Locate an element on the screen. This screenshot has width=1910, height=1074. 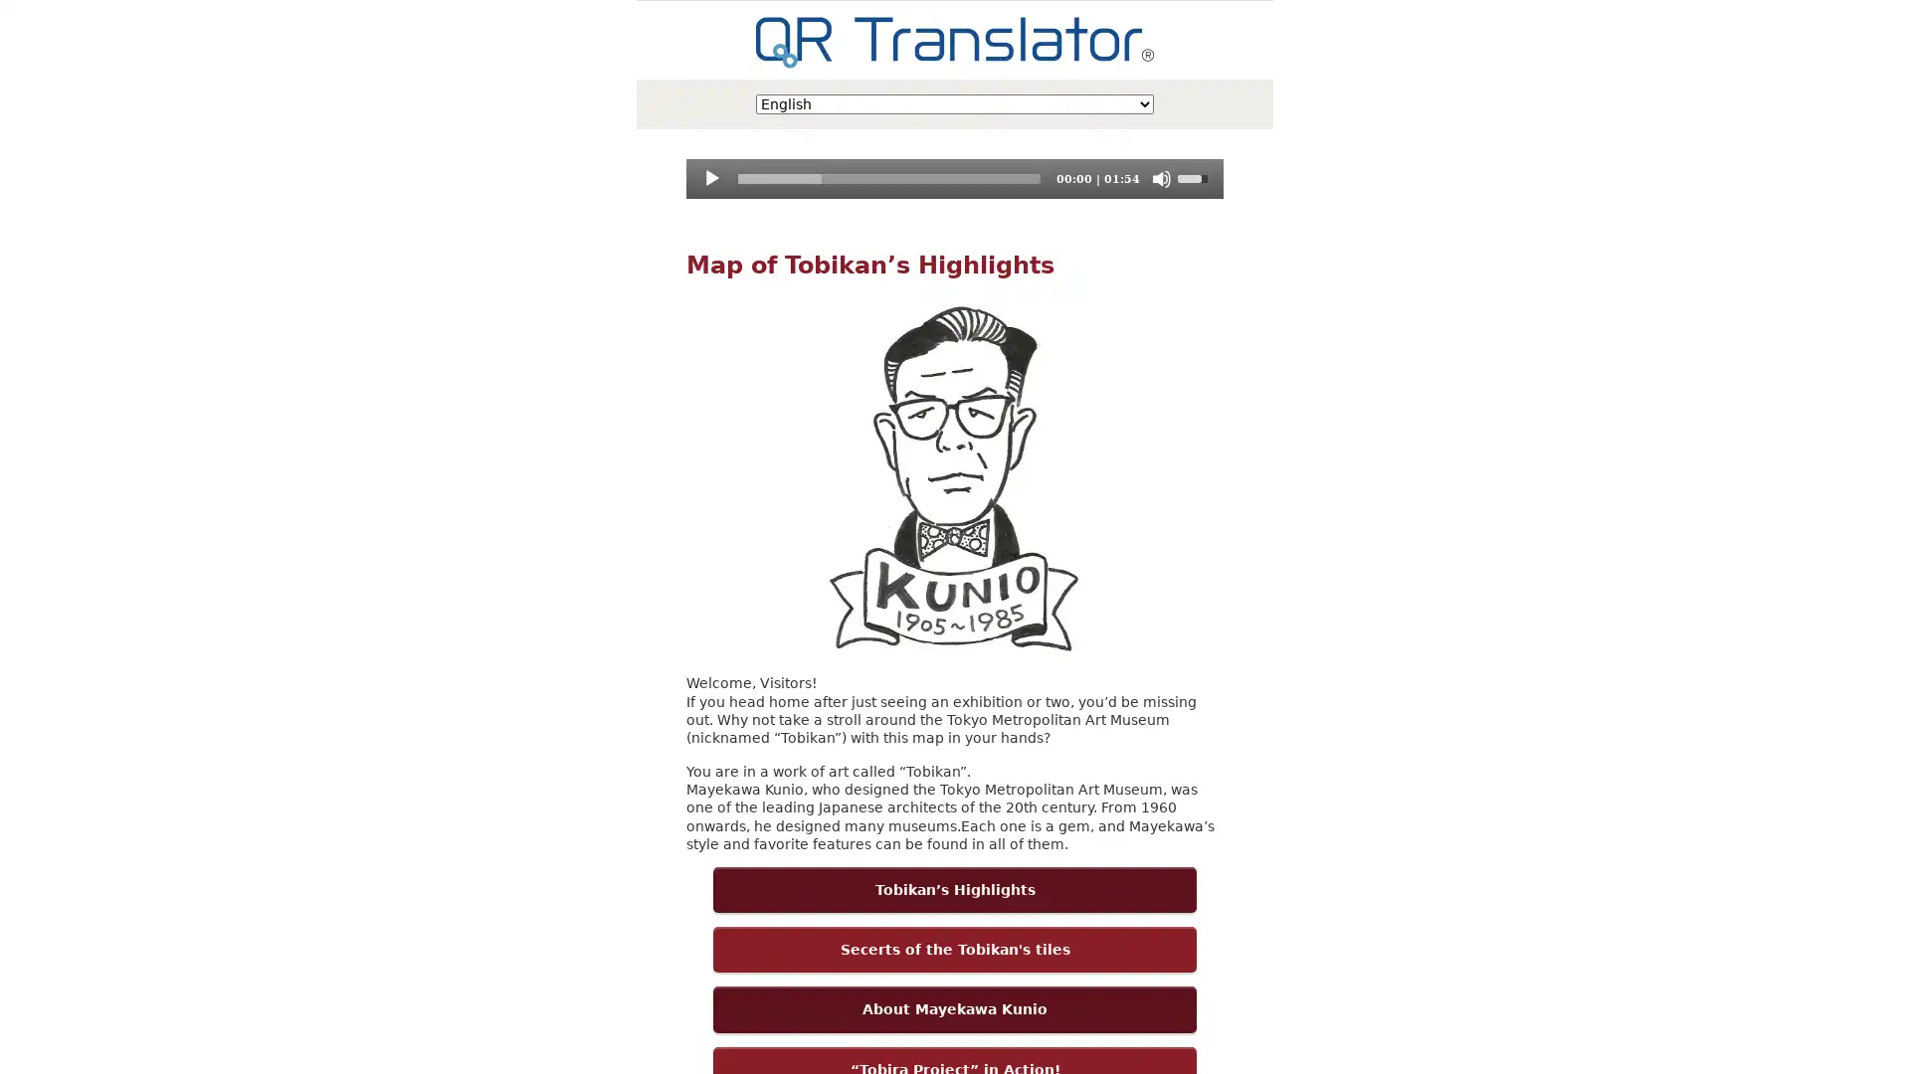
Play is located at coordinates (711, 179).